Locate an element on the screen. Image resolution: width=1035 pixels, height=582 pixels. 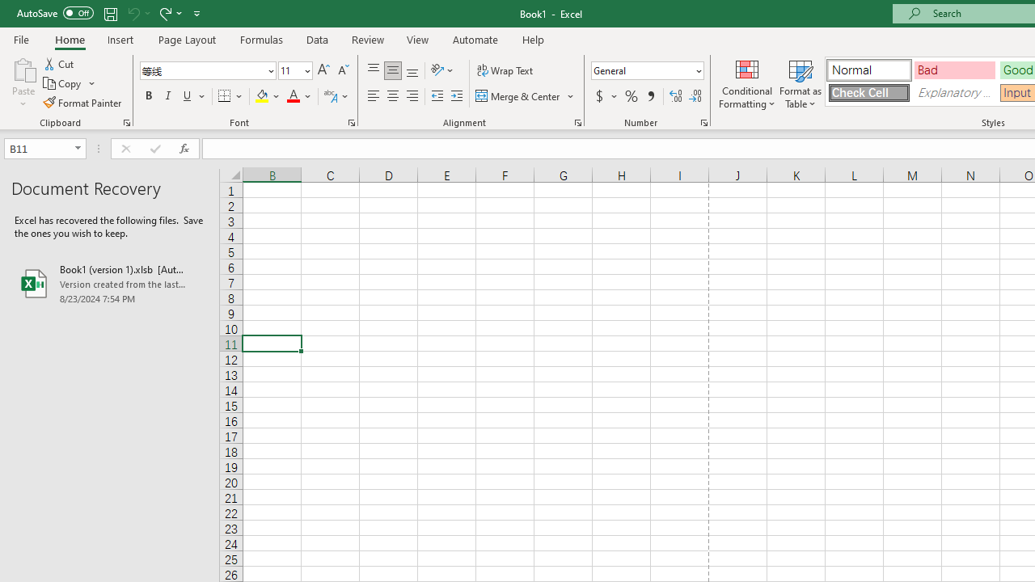
'Percent Style' is located at coordinates (631, 96).